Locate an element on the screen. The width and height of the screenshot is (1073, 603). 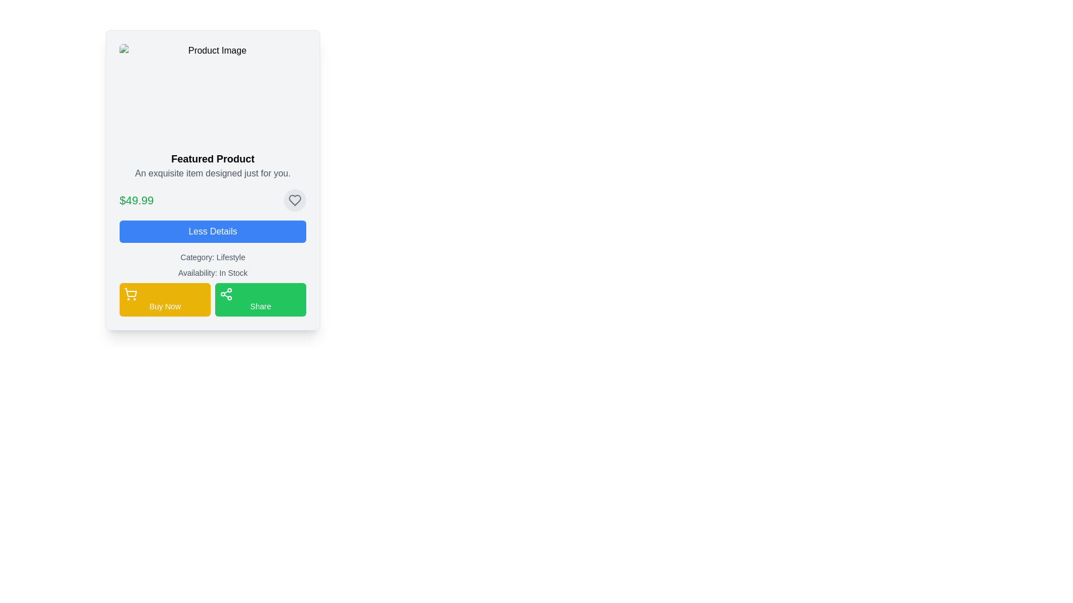
the purchase button located at the lower end of the product card, which is the first button in a horizontally aligned button group, to change its appearance is located at coordinates (164, 299).